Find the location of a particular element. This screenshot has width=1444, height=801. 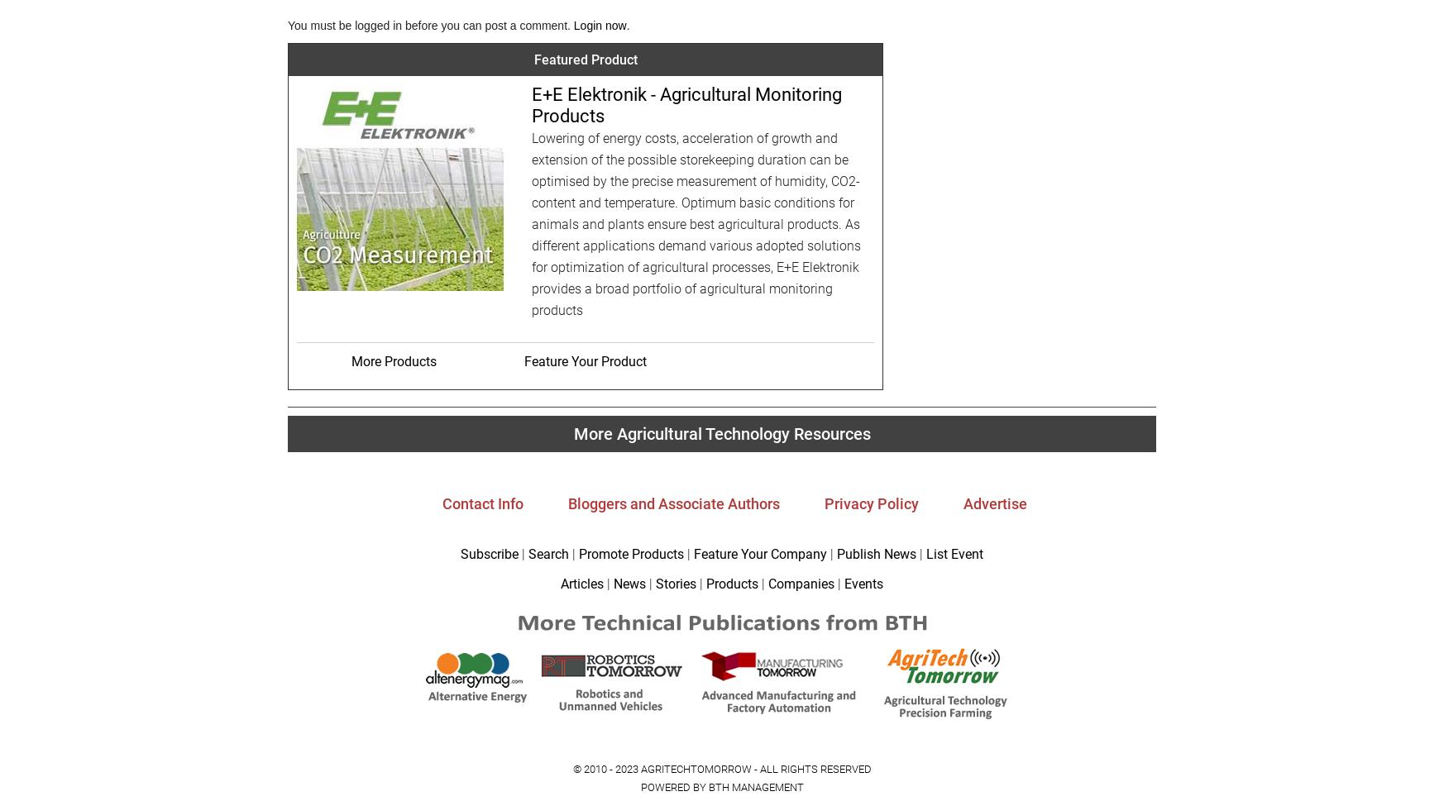

'Feature Your Company' is located at coordinates (759, 553).